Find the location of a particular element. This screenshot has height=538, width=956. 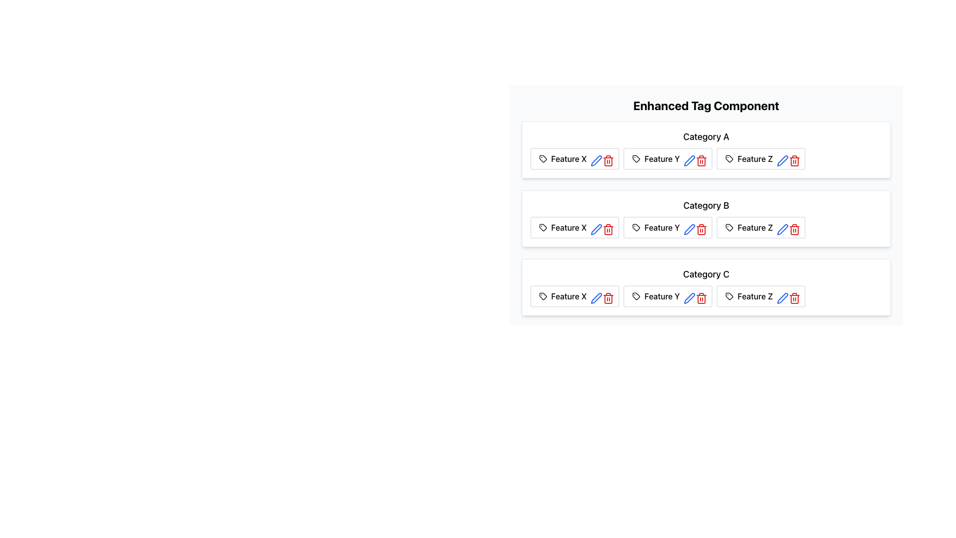

the feature name of the first feature listed under 'Category A', which includes an edit and delete icon for actions is located at coordinates (706, 158).